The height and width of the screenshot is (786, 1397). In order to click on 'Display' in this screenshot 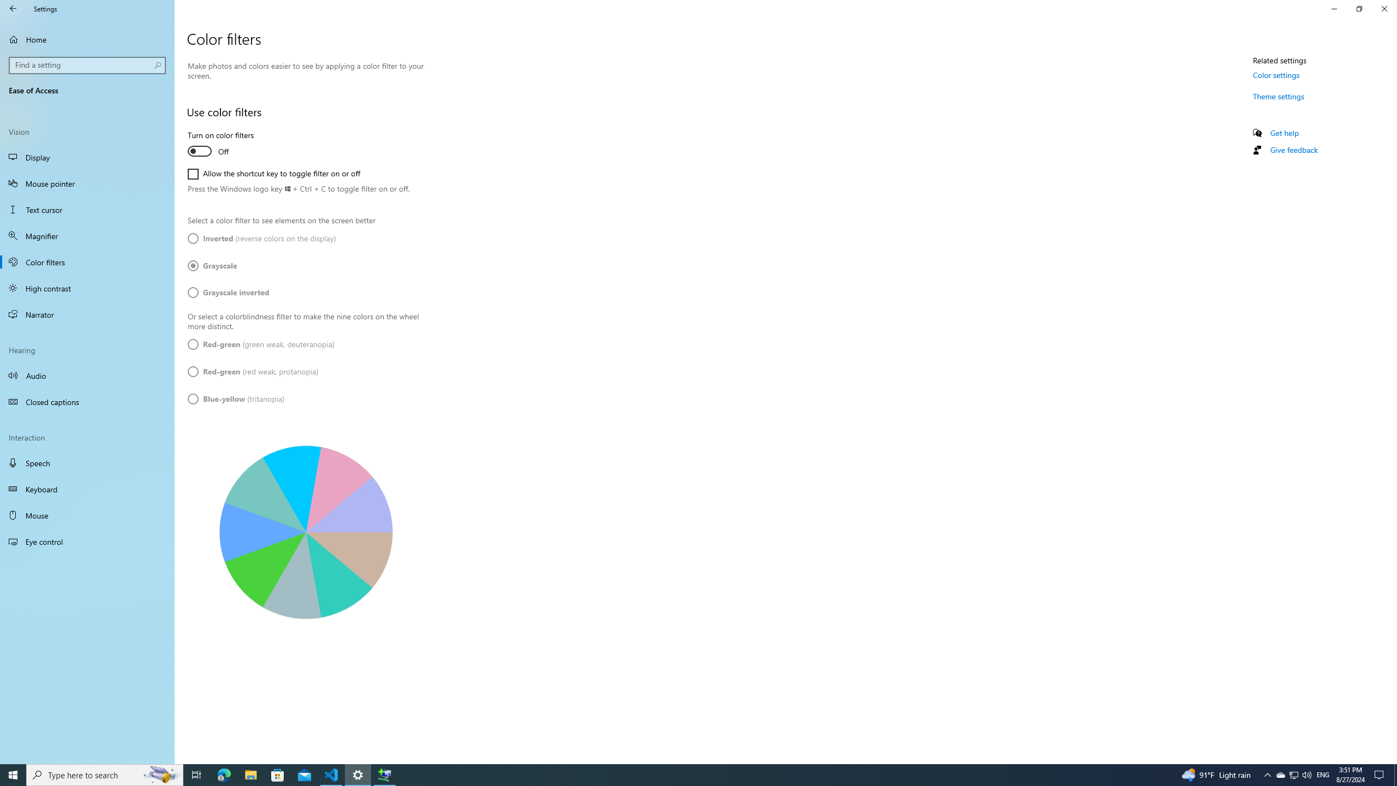, I will do `click(87, 157)`.